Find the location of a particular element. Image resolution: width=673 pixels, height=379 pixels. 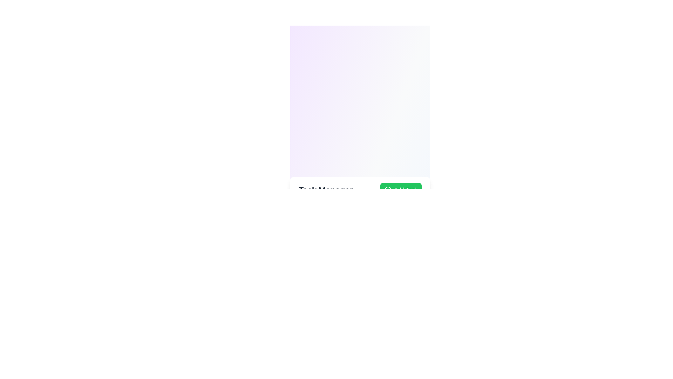

the 'Add Task' button with a green background and white text for keyboard interaction is located at coordinates (401, 189).